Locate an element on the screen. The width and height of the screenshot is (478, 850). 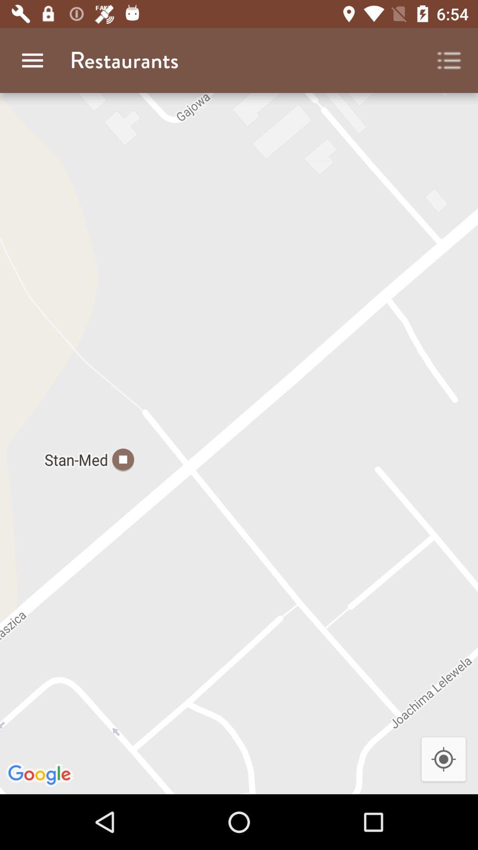
item at the top right corner is located at coordinates (449, 60).